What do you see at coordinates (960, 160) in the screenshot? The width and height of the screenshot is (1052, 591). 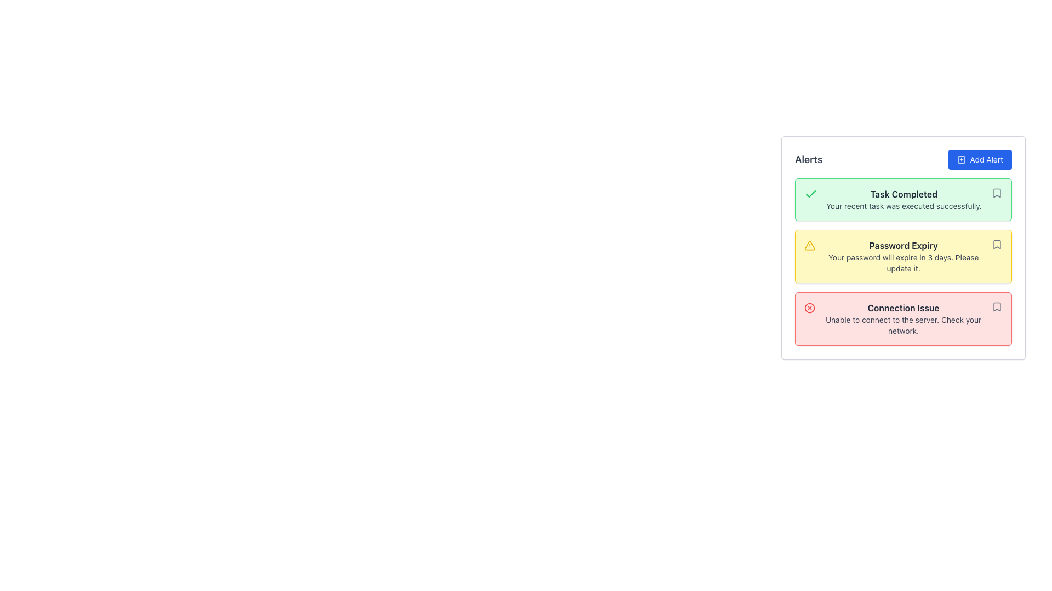 I see `the SVG Shape (Rounded Square) located in the top-right corner of the 'Alerts' card, adjacent to the 'Add Alert' button` at bounding box center [960, 160].